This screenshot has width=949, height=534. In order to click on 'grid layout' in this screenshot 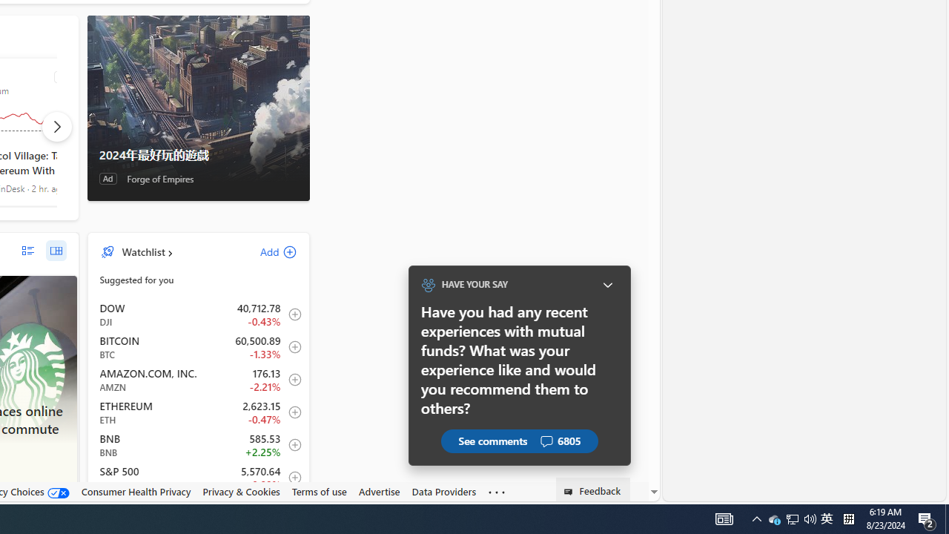, I will do `click(56, 250)`.